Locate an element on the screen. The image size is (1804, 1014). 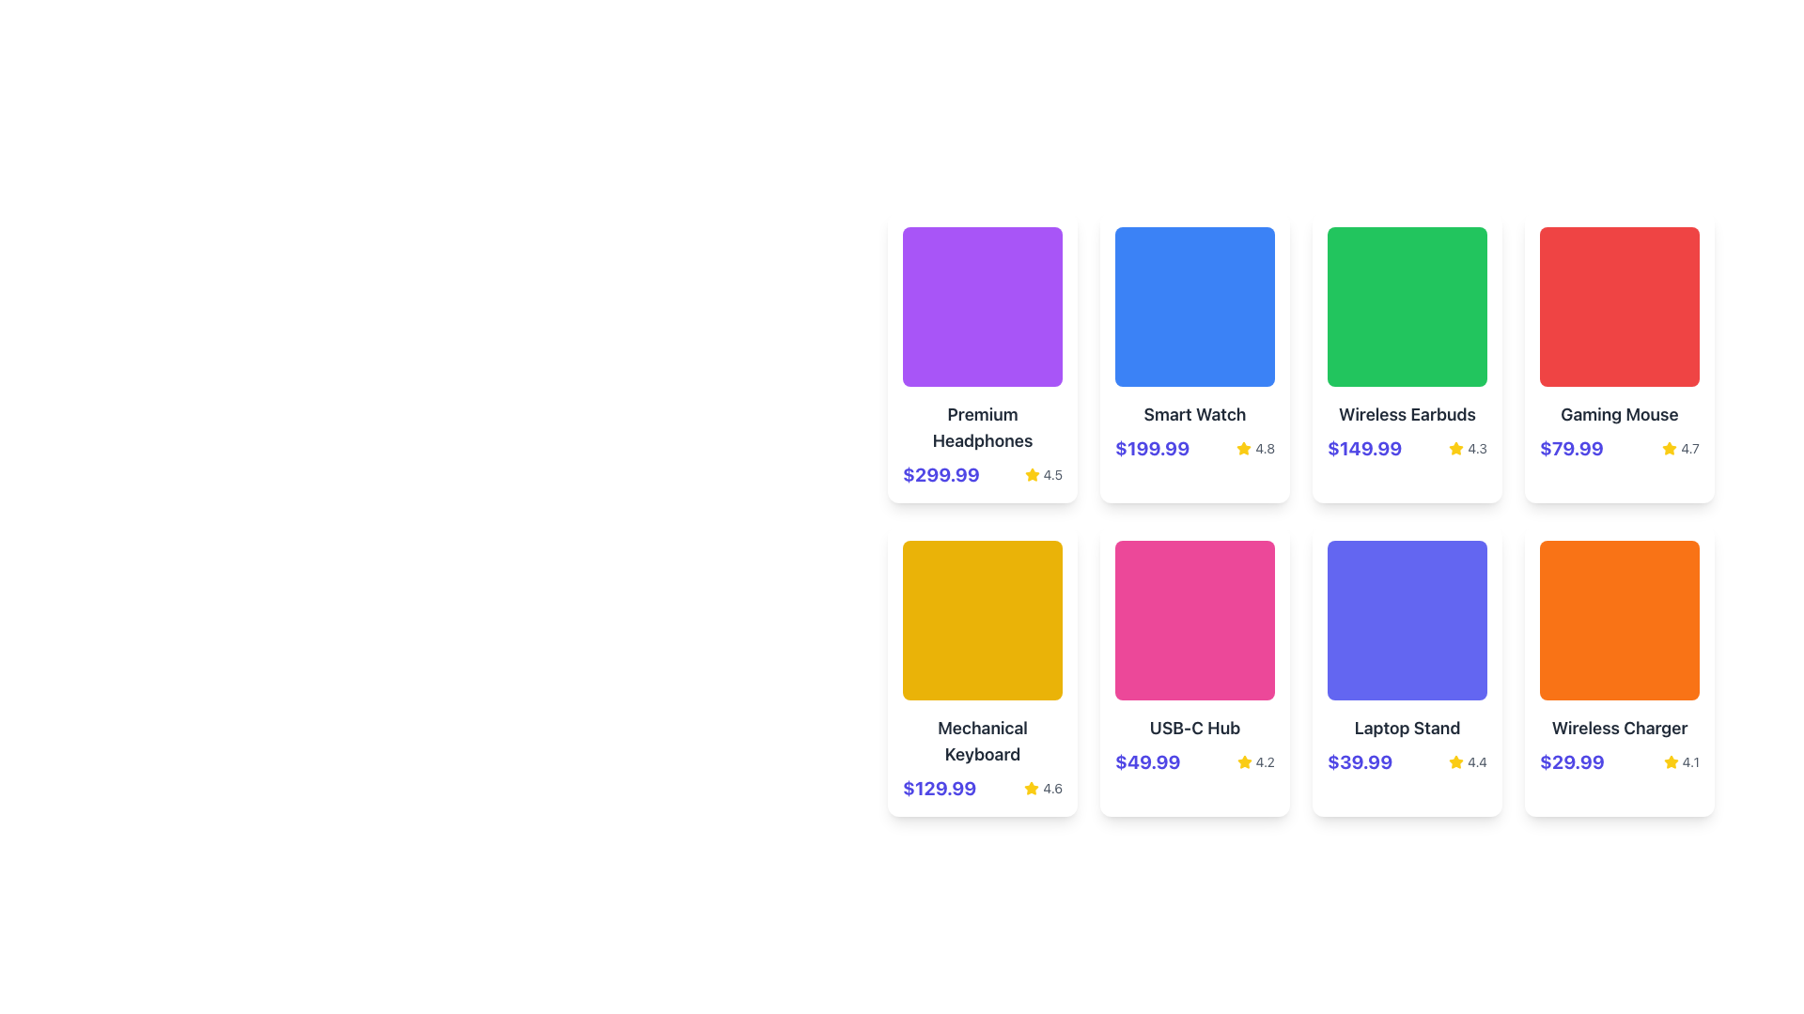
the Text label that displays the name of the product, located within the first product listing card in the grid layout, below the thumbnail and above the price and rating information is located at coordinates (982, 427).